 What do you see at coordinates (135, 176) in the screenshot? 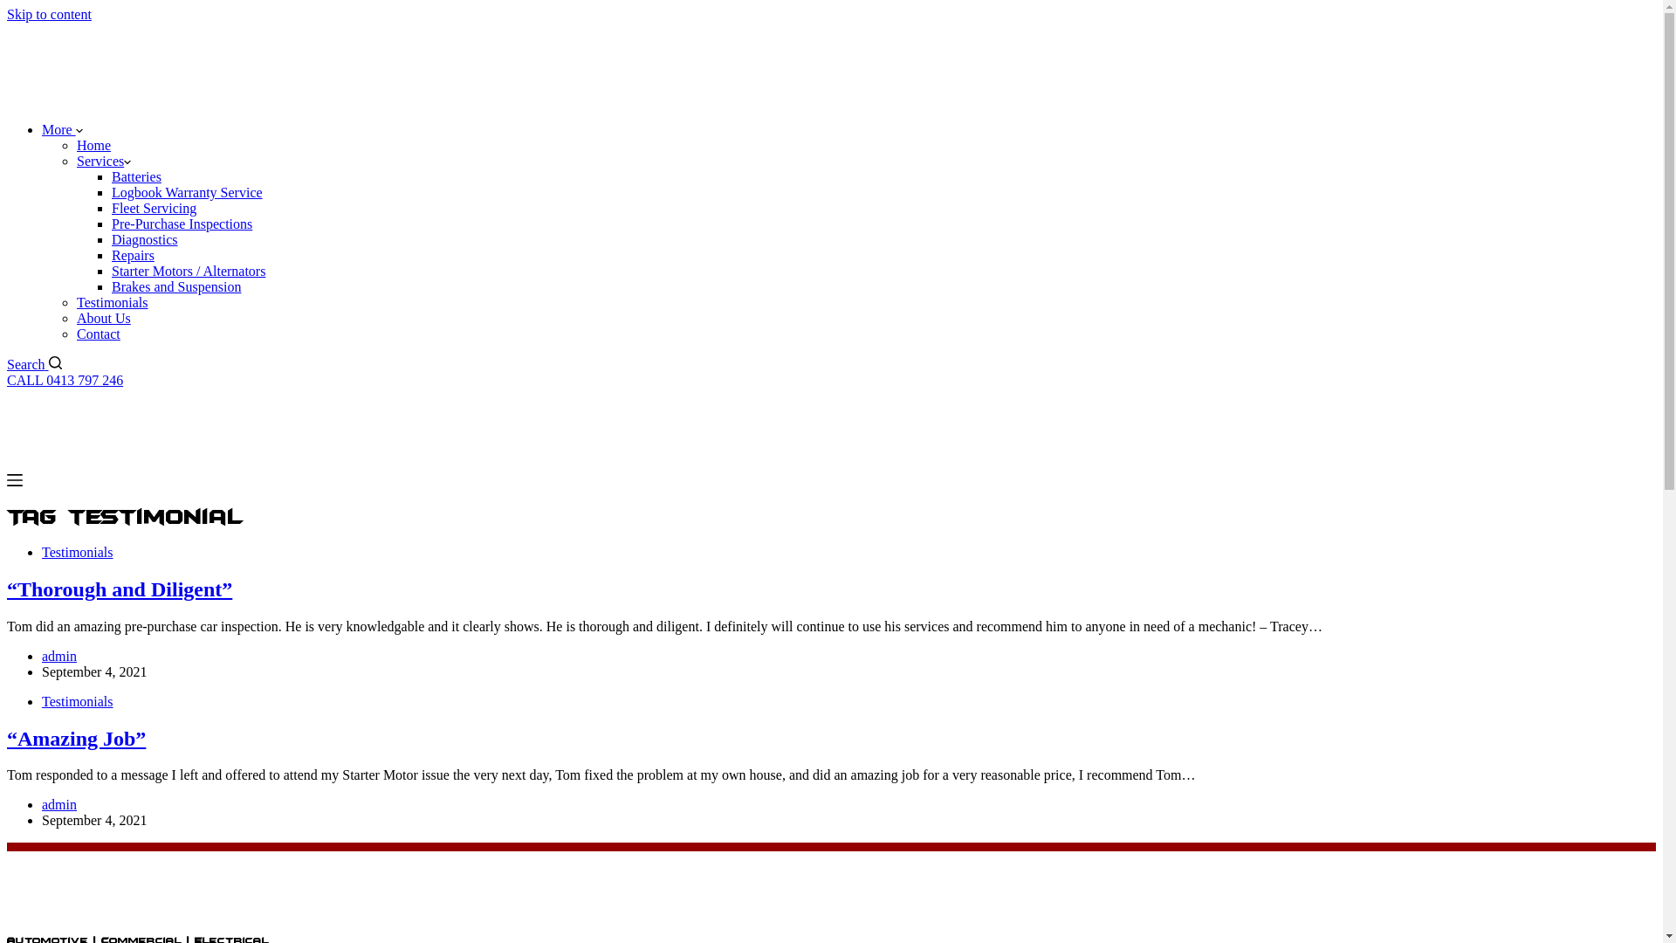
I see `'Batteries'` at bounding box center [135, 176].